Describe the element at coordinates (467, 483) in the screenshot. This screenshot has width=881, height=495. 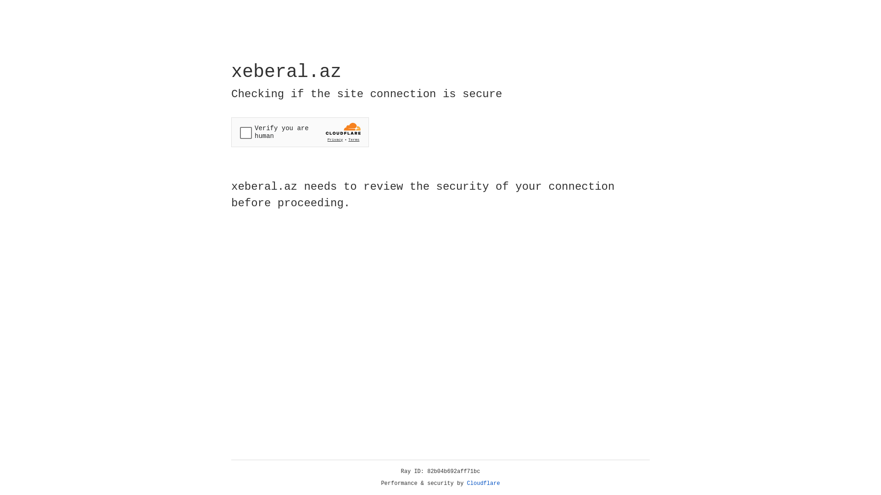
I see `'Cloudflare'` at that location.